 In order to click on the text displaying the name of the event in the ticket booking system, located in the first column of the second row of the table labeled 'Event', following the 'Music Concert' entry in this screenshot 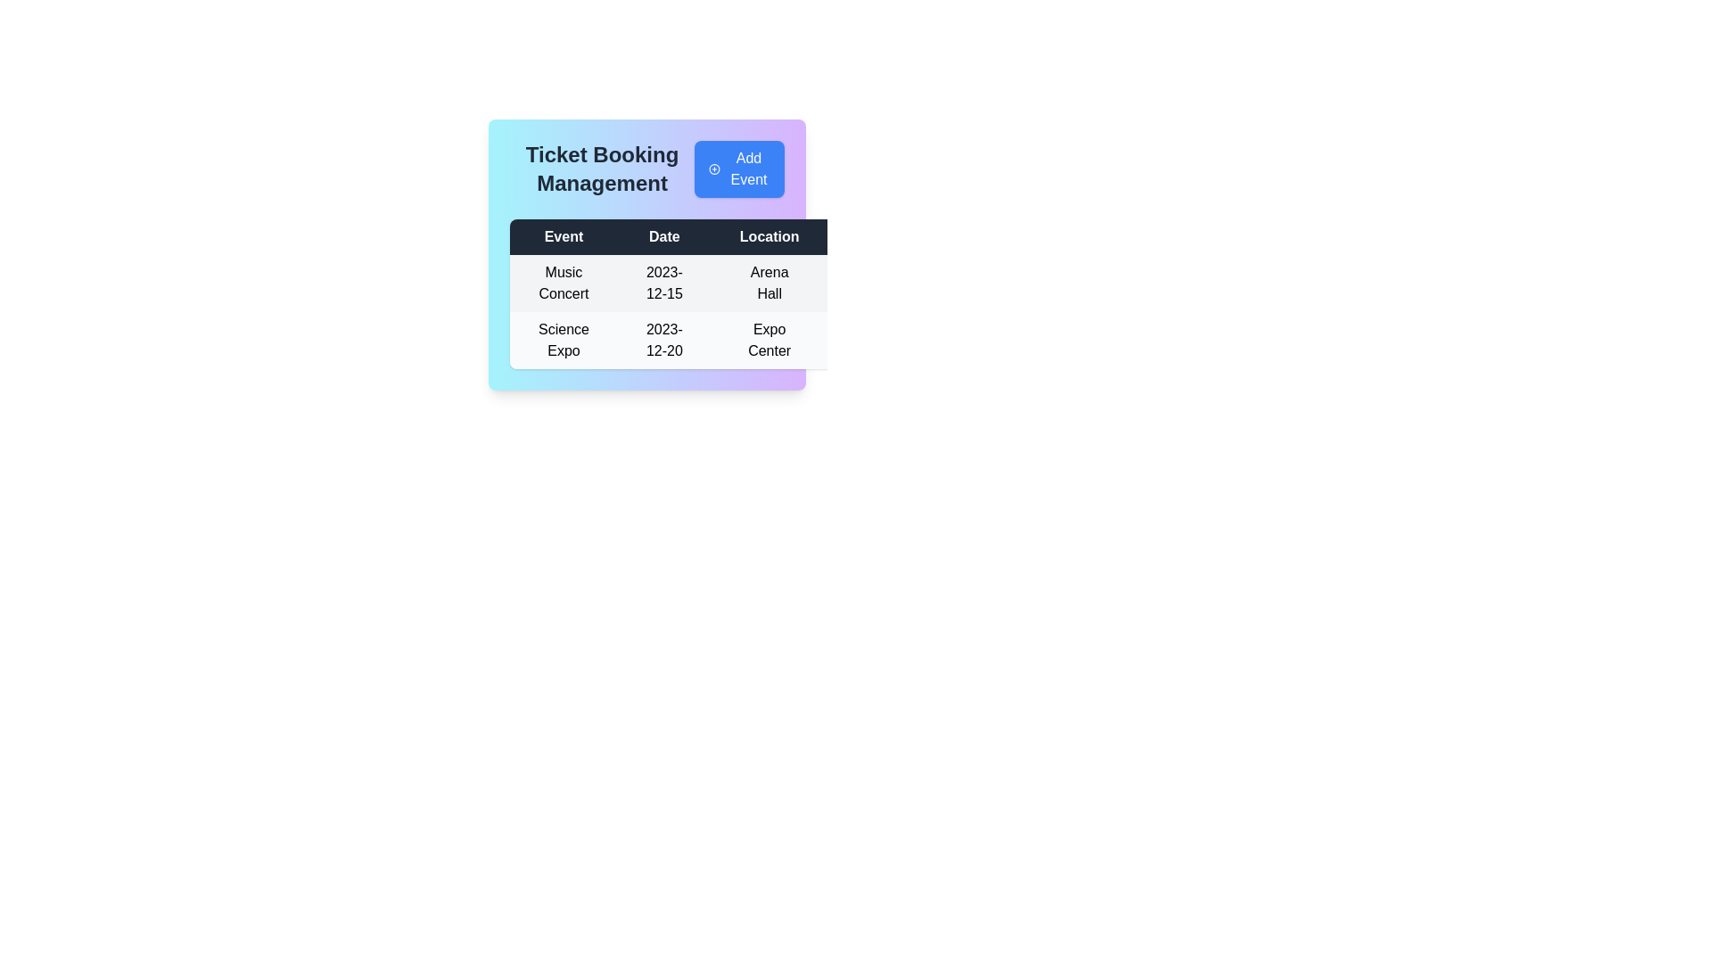, I will do `click(563, 340)`.